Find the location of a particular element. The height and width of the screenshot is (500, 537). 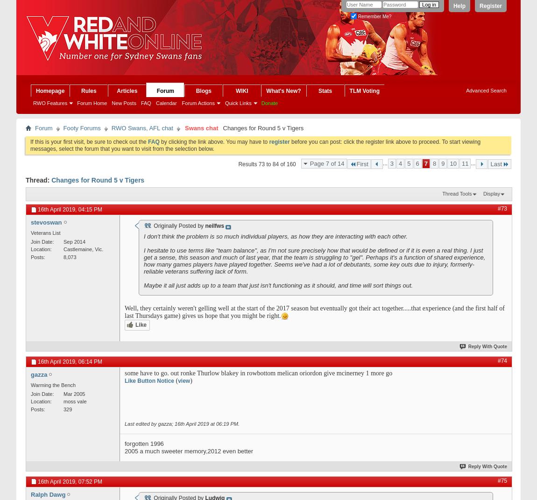

'Footy Forums' is located at coordinates (63, 128).